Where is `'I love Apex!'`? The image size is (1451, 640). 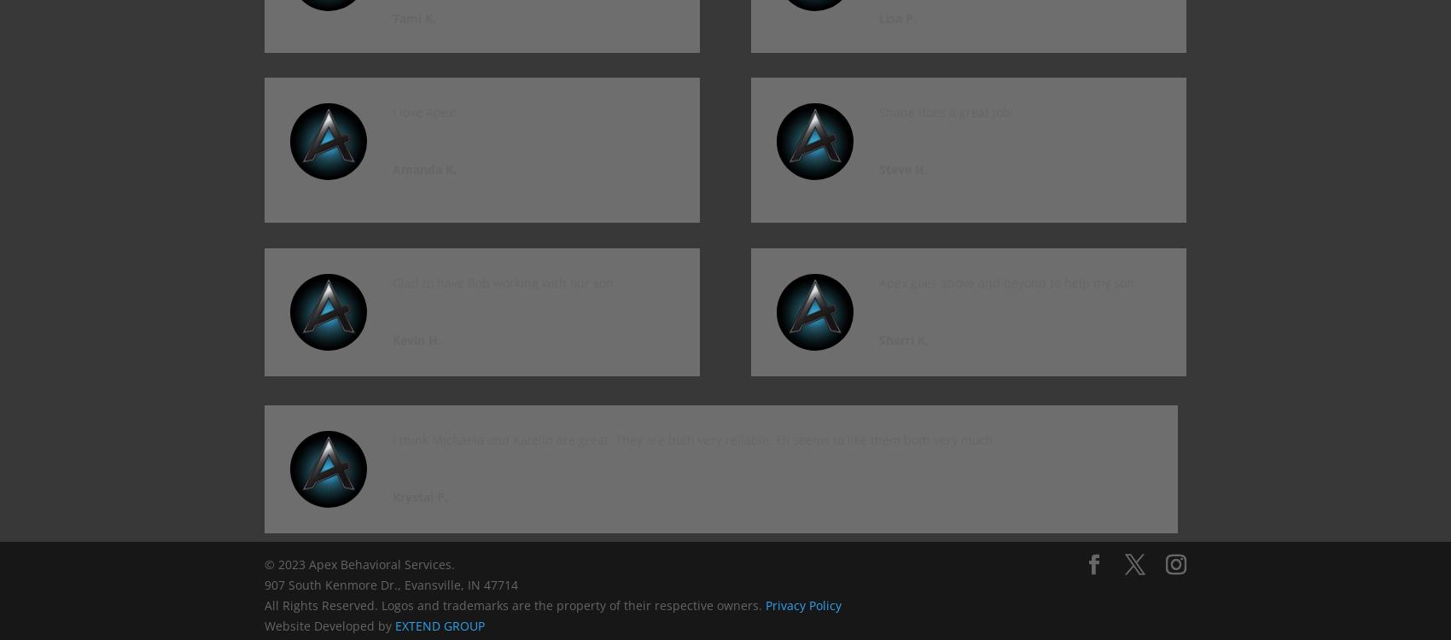 'I love Apex!' is located at coordinates (393, 112).